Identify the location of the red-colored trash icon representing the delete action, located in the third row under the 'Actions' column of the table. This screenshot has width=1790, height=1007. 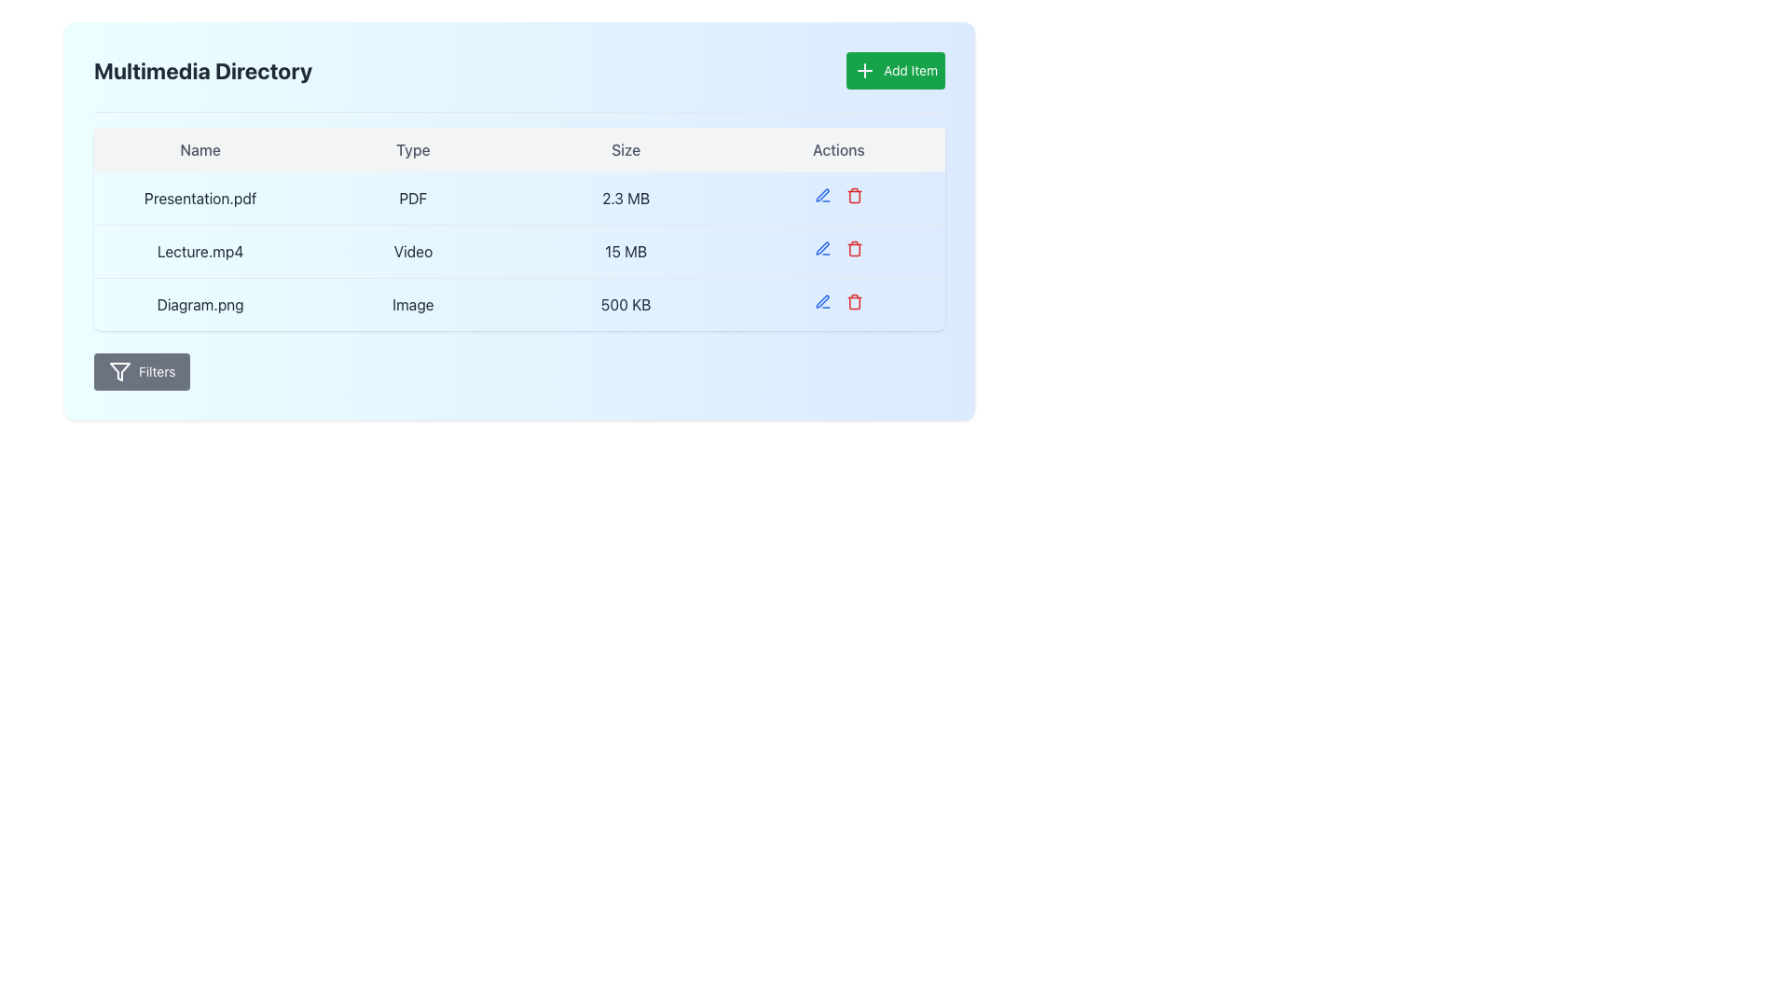
(853, 247).